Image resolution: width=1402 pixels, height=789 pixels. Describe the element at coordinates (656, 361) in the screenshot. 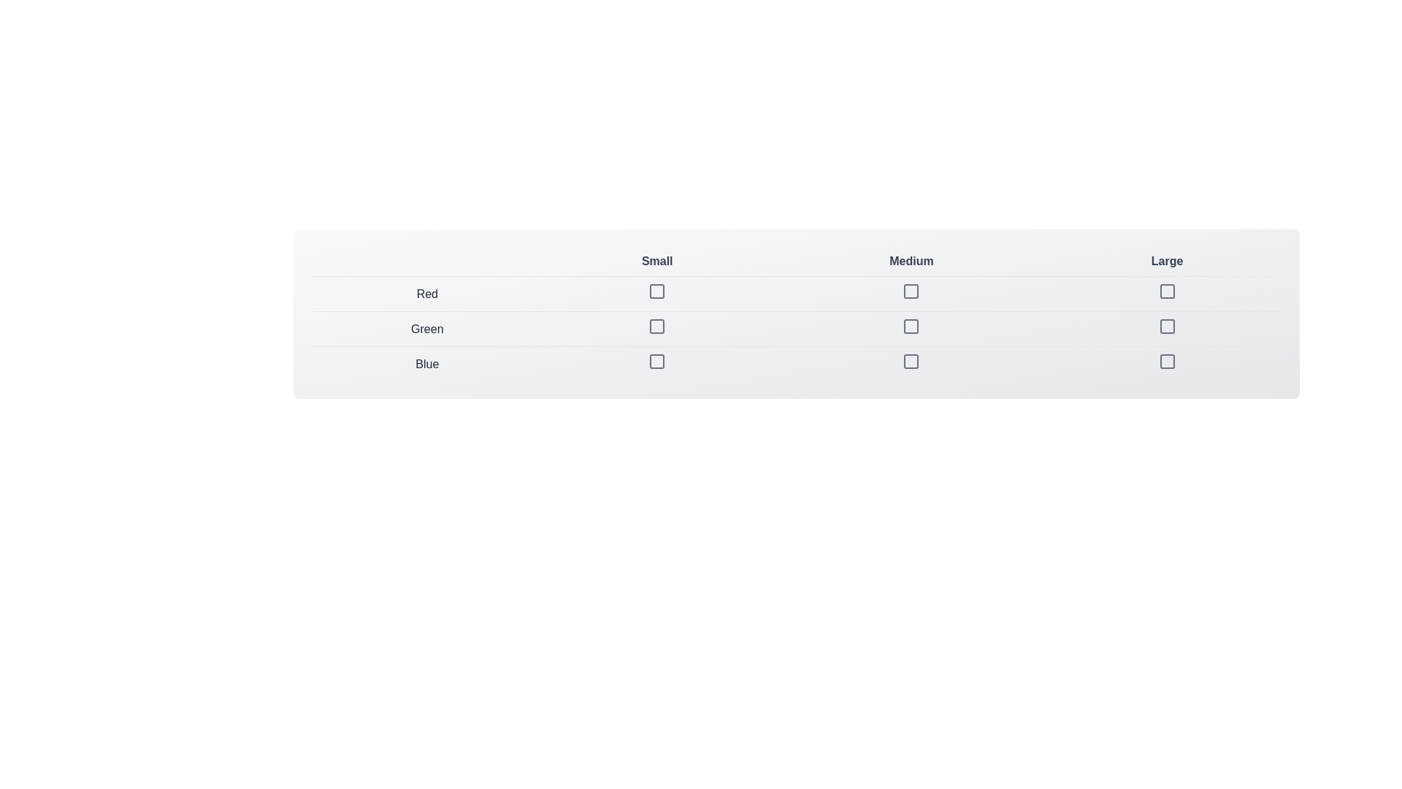

I see `the checkbox for 'Blue' color and 'Small' size located in the third row and second column of the grid layout` at that location.